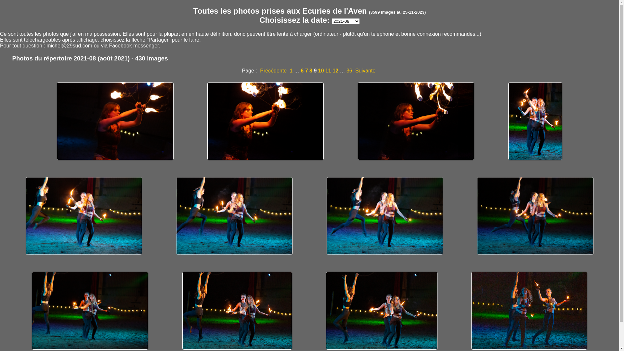 The image size is (624, 351). I want to click on '6', so click(302, 71).